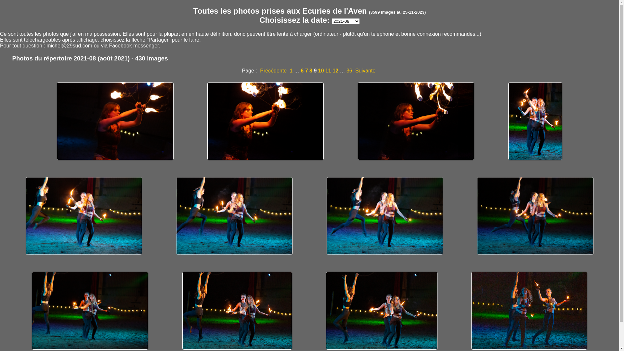 The image size is (624, 351). I want to click on '6', so click(302, 71).